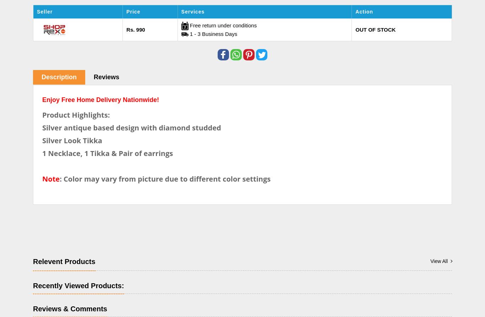 The width and height of the screenshot is (485, 317). Describe the element at coordinates (42, 127) in the screenshot. I see `'Silver antique based design with diamond studded'` at that location.